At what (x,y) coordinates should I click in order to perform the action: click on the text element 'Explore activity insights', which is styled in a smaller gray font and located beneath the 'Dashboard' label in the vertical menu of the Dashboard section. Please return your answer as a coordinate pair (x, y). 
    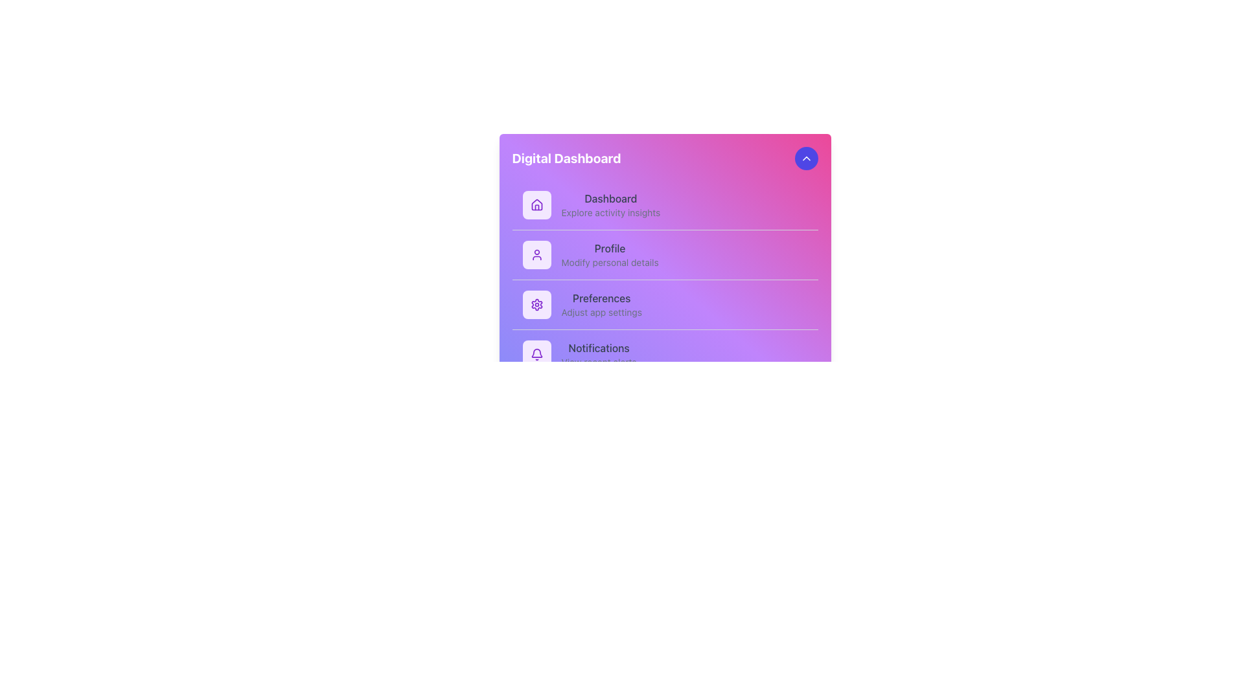
    Looking at the image, I should click on (610, 212).